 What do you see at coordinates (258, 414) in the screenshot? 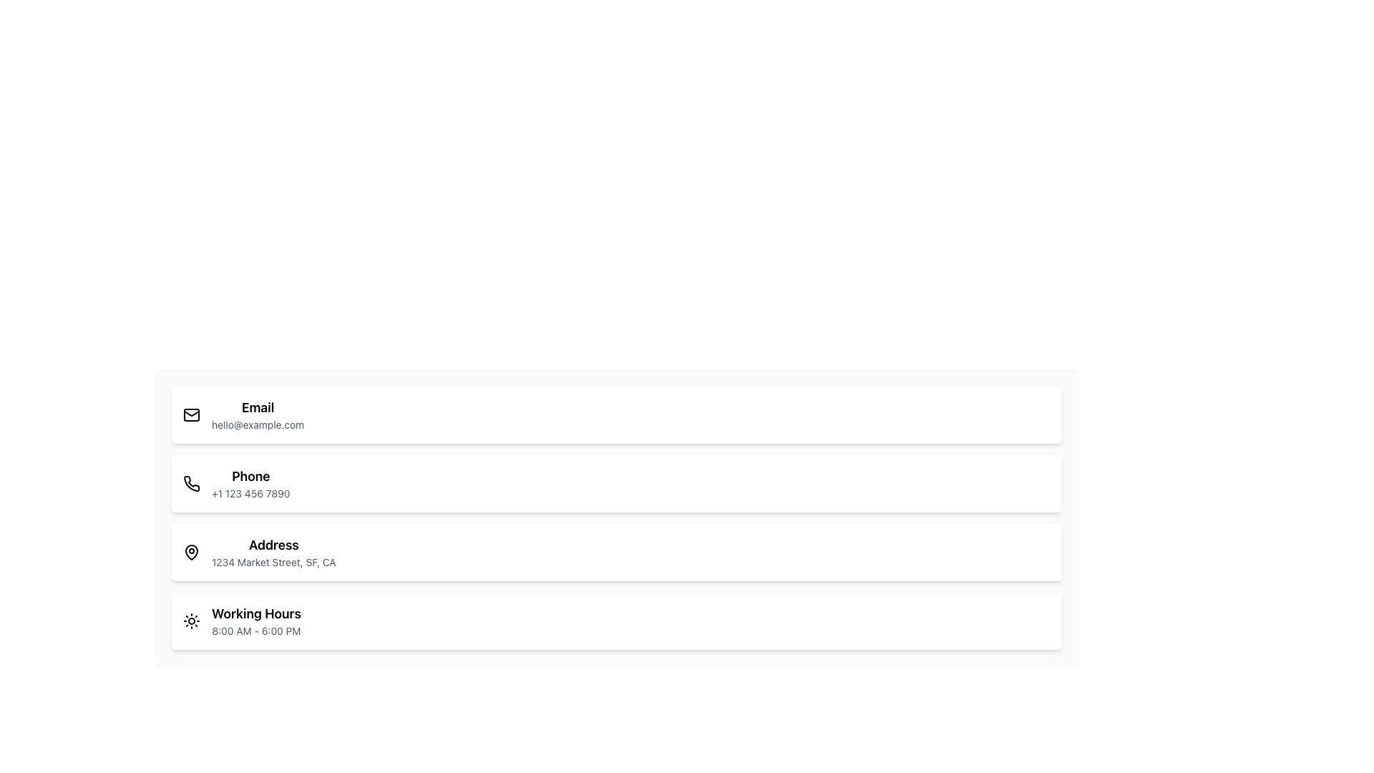
I see `the Text display component that shows 'Email' and 'hello@example.com', which is located in the first card of a vertical list of similar cards` at bounding box center [258, 414].